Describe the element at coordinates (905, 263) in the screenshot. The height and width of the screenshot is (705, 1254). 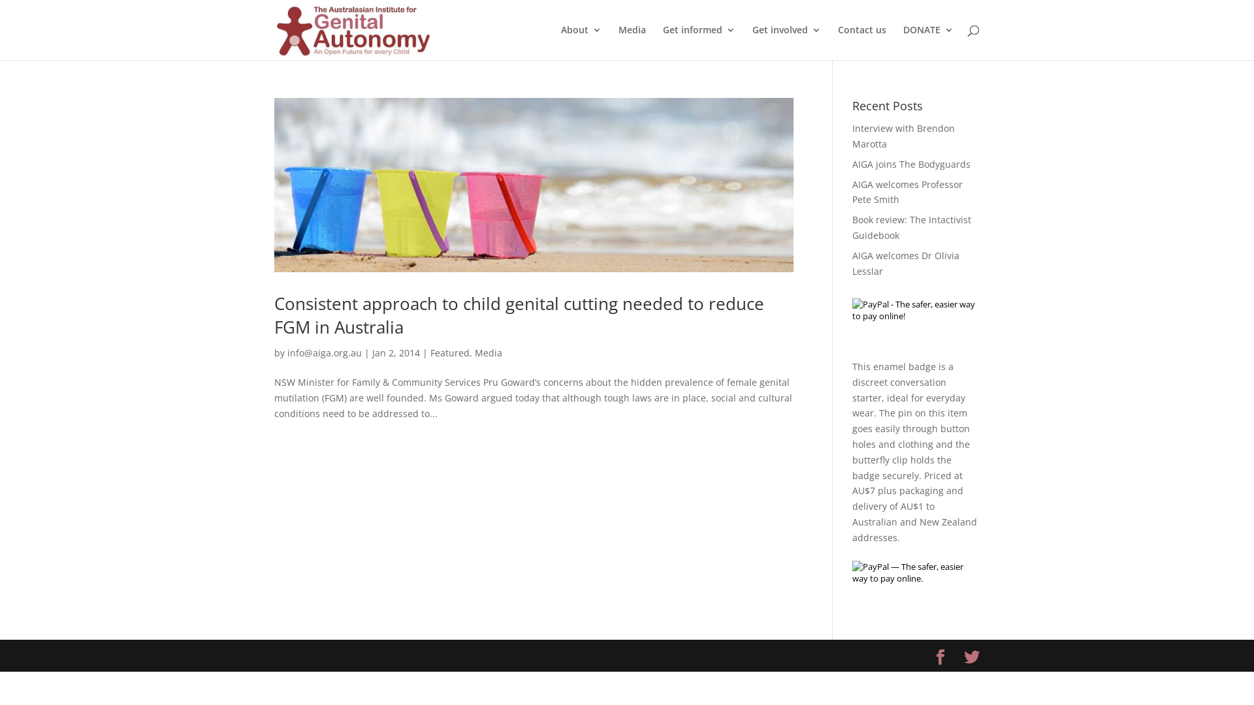
I see `'AIGA welcomes Dr Olivia Lesslar'` at that location.